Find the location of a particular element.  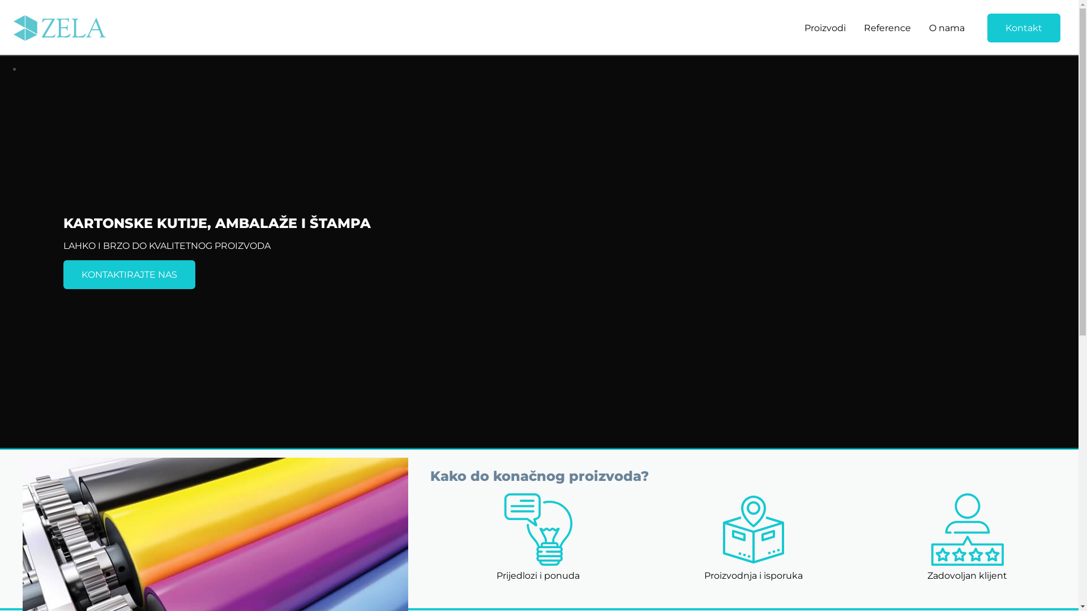

'Proizvodi' is located at coordinates (825, 27).